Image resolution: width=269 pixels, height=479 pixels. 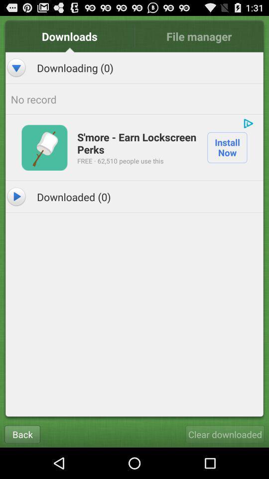 What do you see at coordinates (136, 142) in the screenshot?
I see `item to the left of the install now item` at bounding box center [136, 142].